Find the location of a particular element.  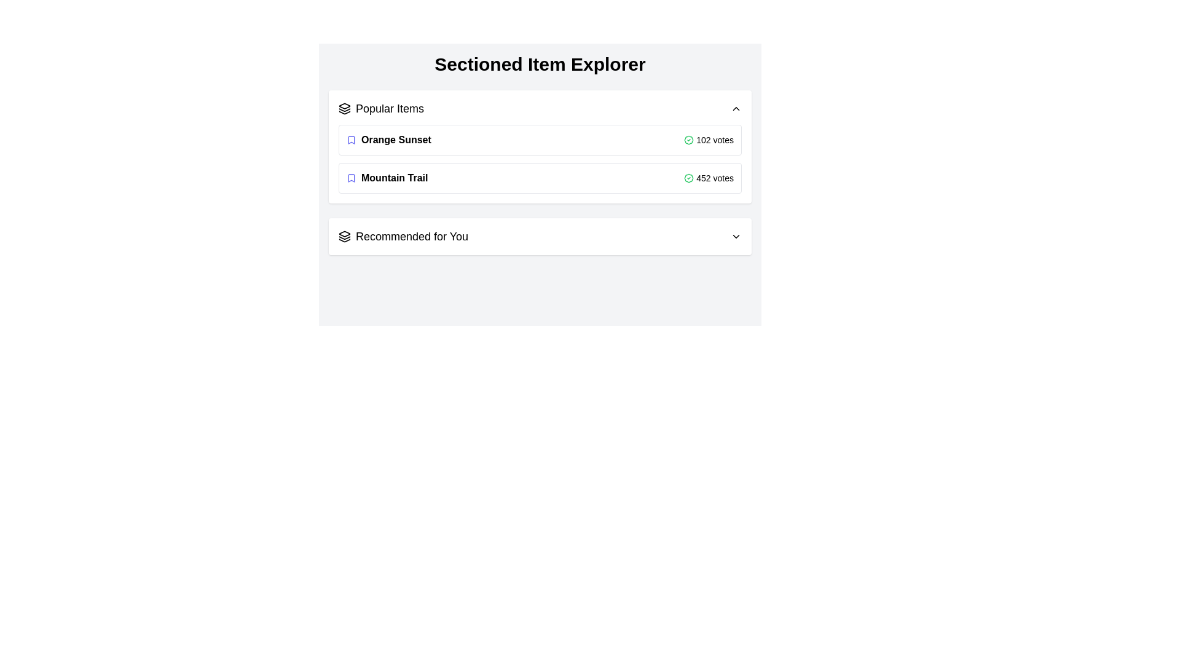

the icon that serves as a visual cue for 'Recommended for You', located to the left of the corresponding text in the header section is located at coordinates (344, 237).